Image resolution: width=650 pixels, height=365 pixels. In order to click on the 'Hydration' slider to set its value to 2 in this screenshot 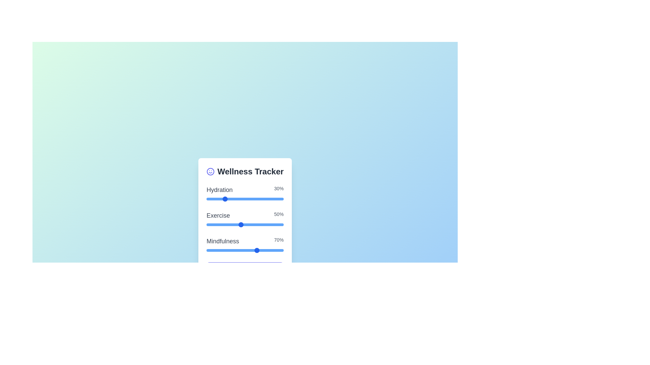, I will do `click(215, 199)`.